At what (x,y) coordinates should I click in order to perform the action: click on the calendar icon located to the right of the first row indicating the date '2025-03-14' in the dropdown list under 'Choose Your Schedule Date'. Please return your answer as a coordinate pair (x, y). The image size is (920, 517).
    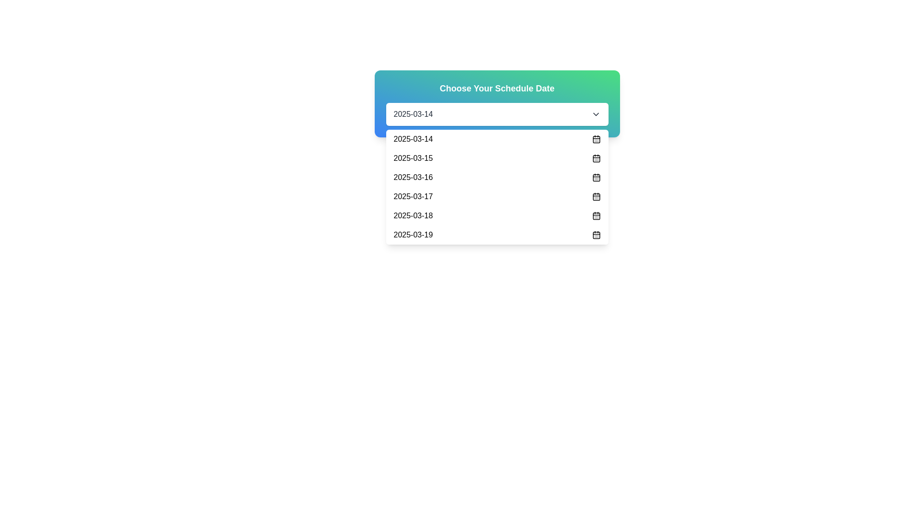
    Looking at the image, I should click on (596, 139).